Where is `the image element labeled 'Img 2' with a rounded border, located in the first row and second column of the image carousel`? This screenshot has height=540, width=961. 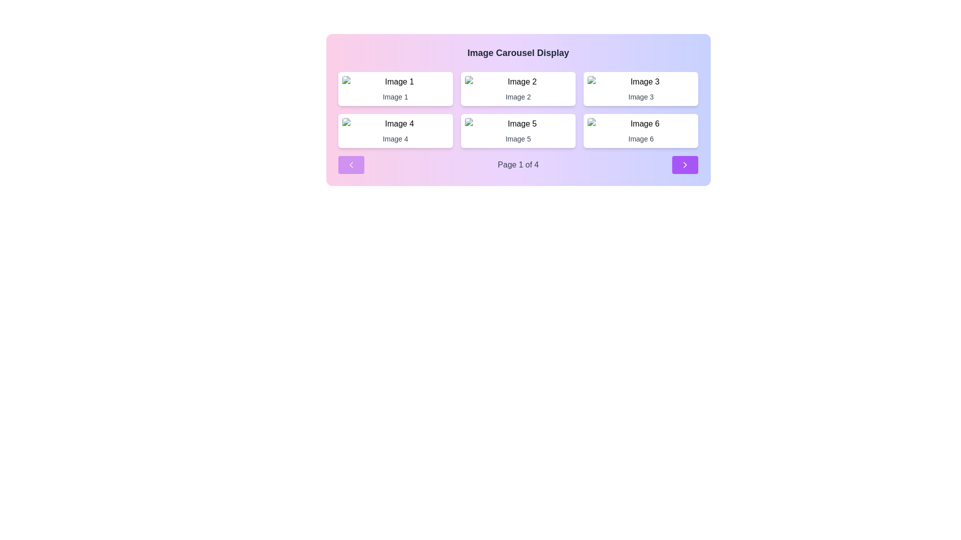 the image element labeled 'Img 2' with a rounded border, located in the first row and second column of the image carousel is located at coordinates (518, 81).